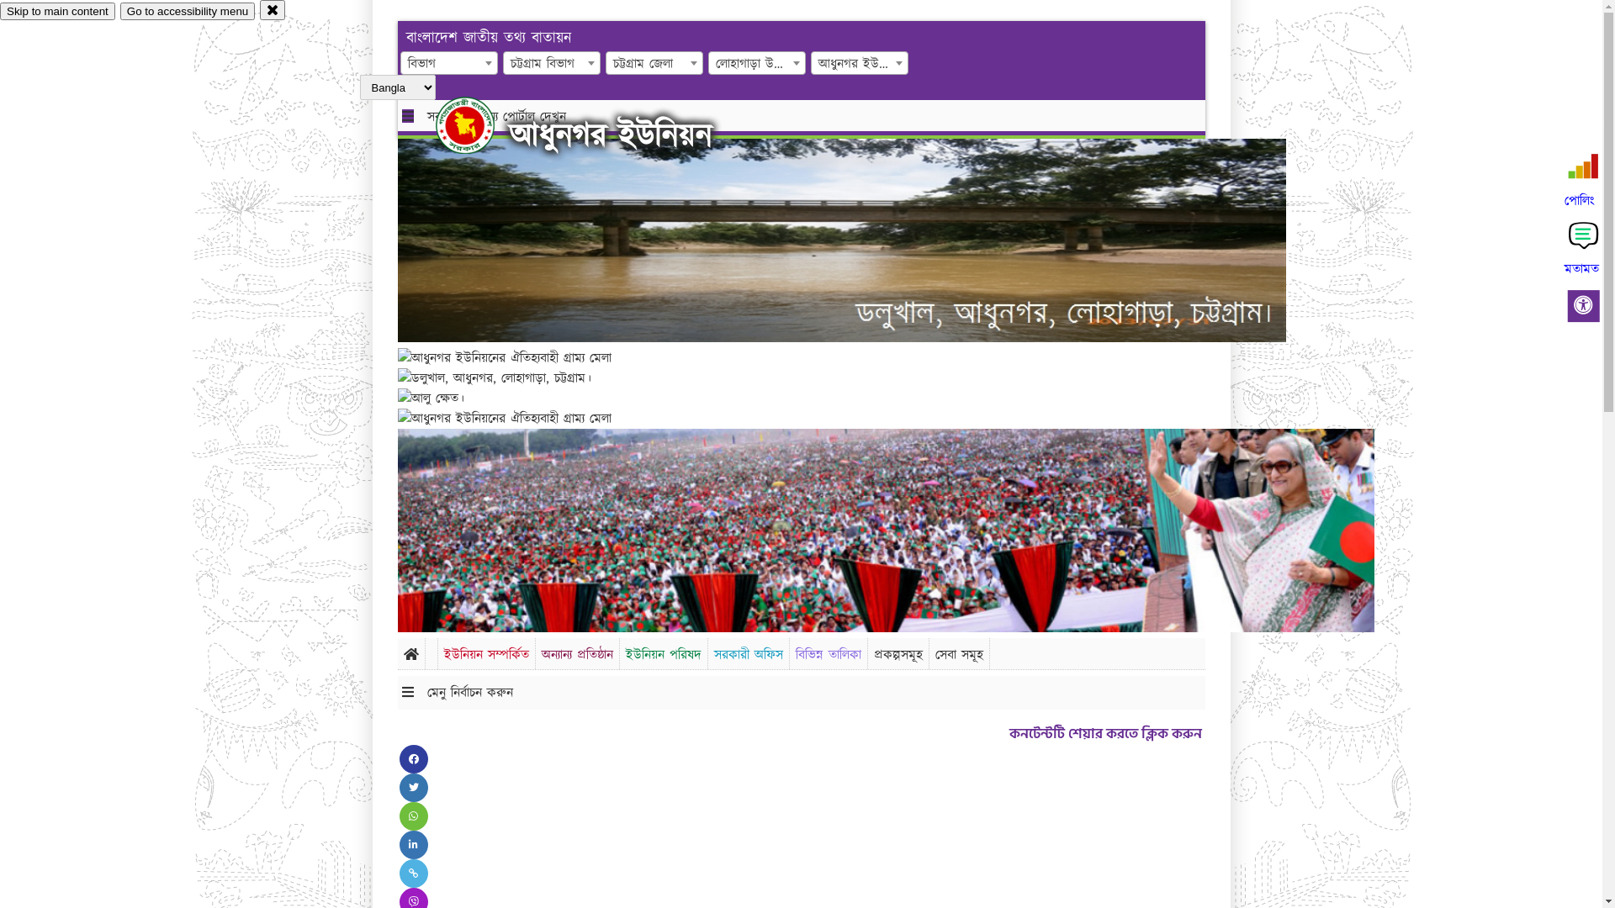  I want to click on ', so click(436, 124).